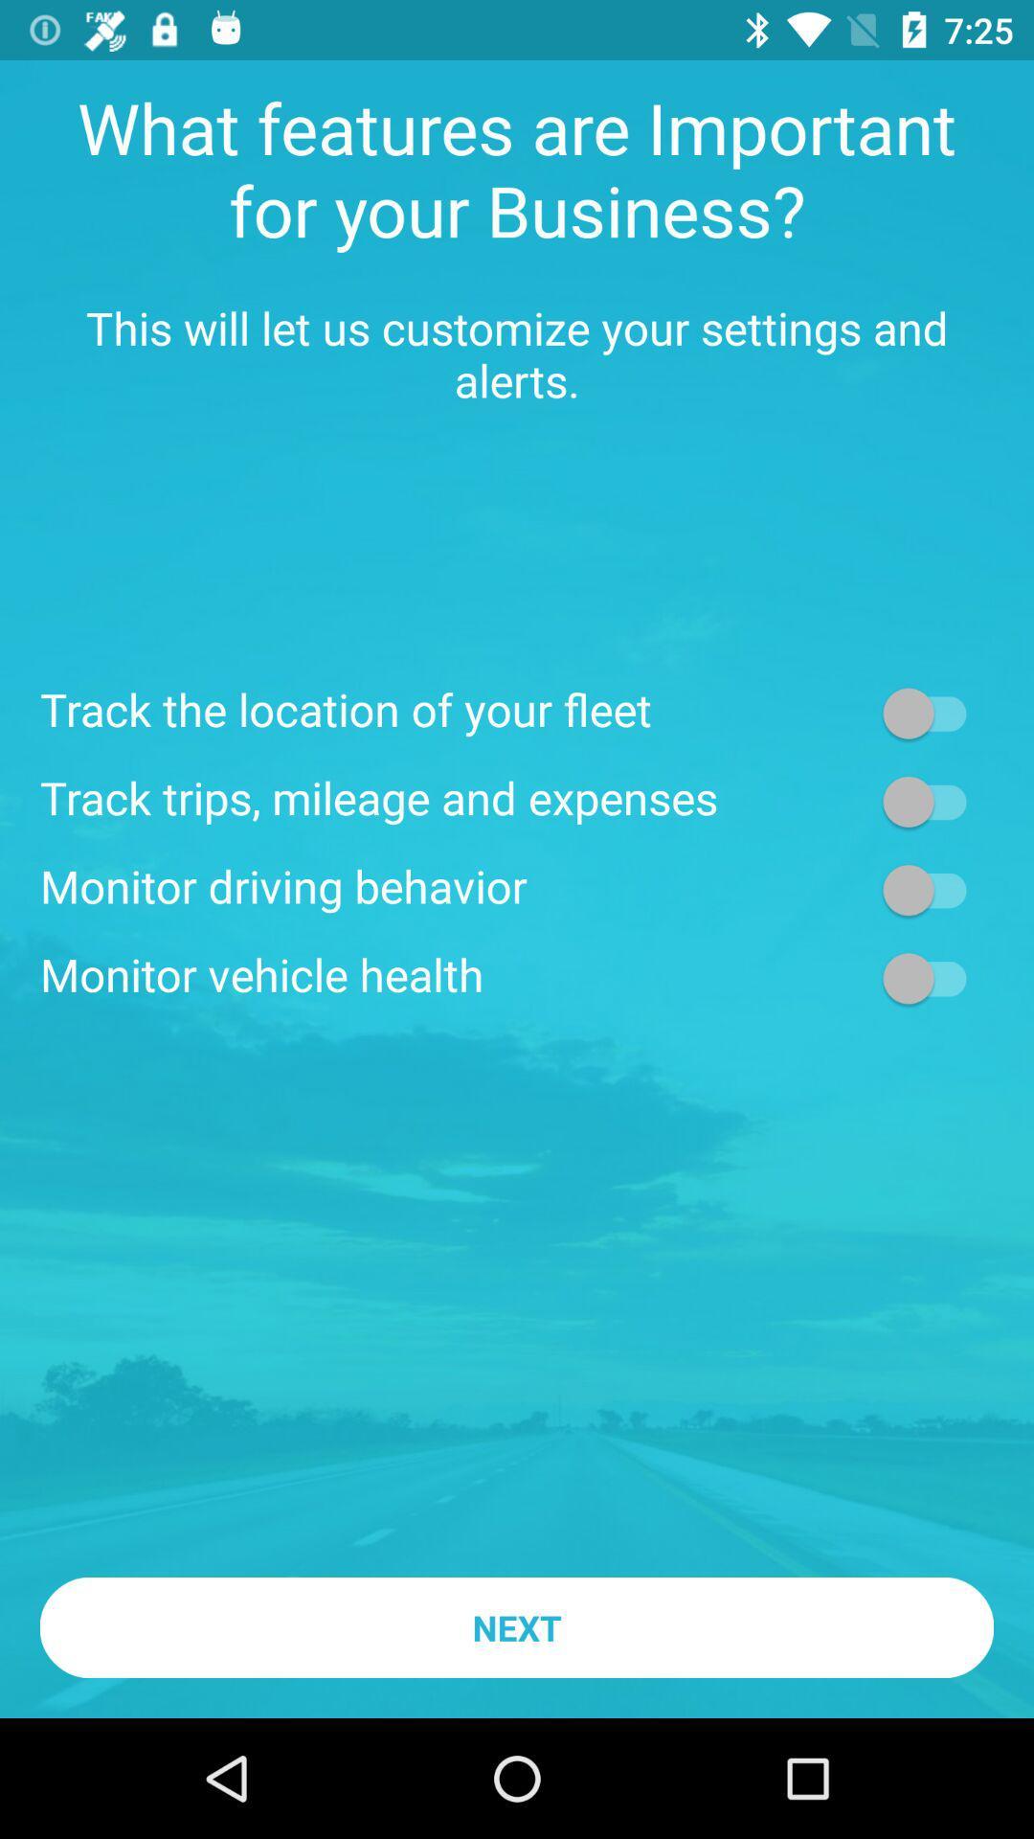 The height and width of the screenshot is (1839, 1034). I want to click on on/off button, so click(933, 978).